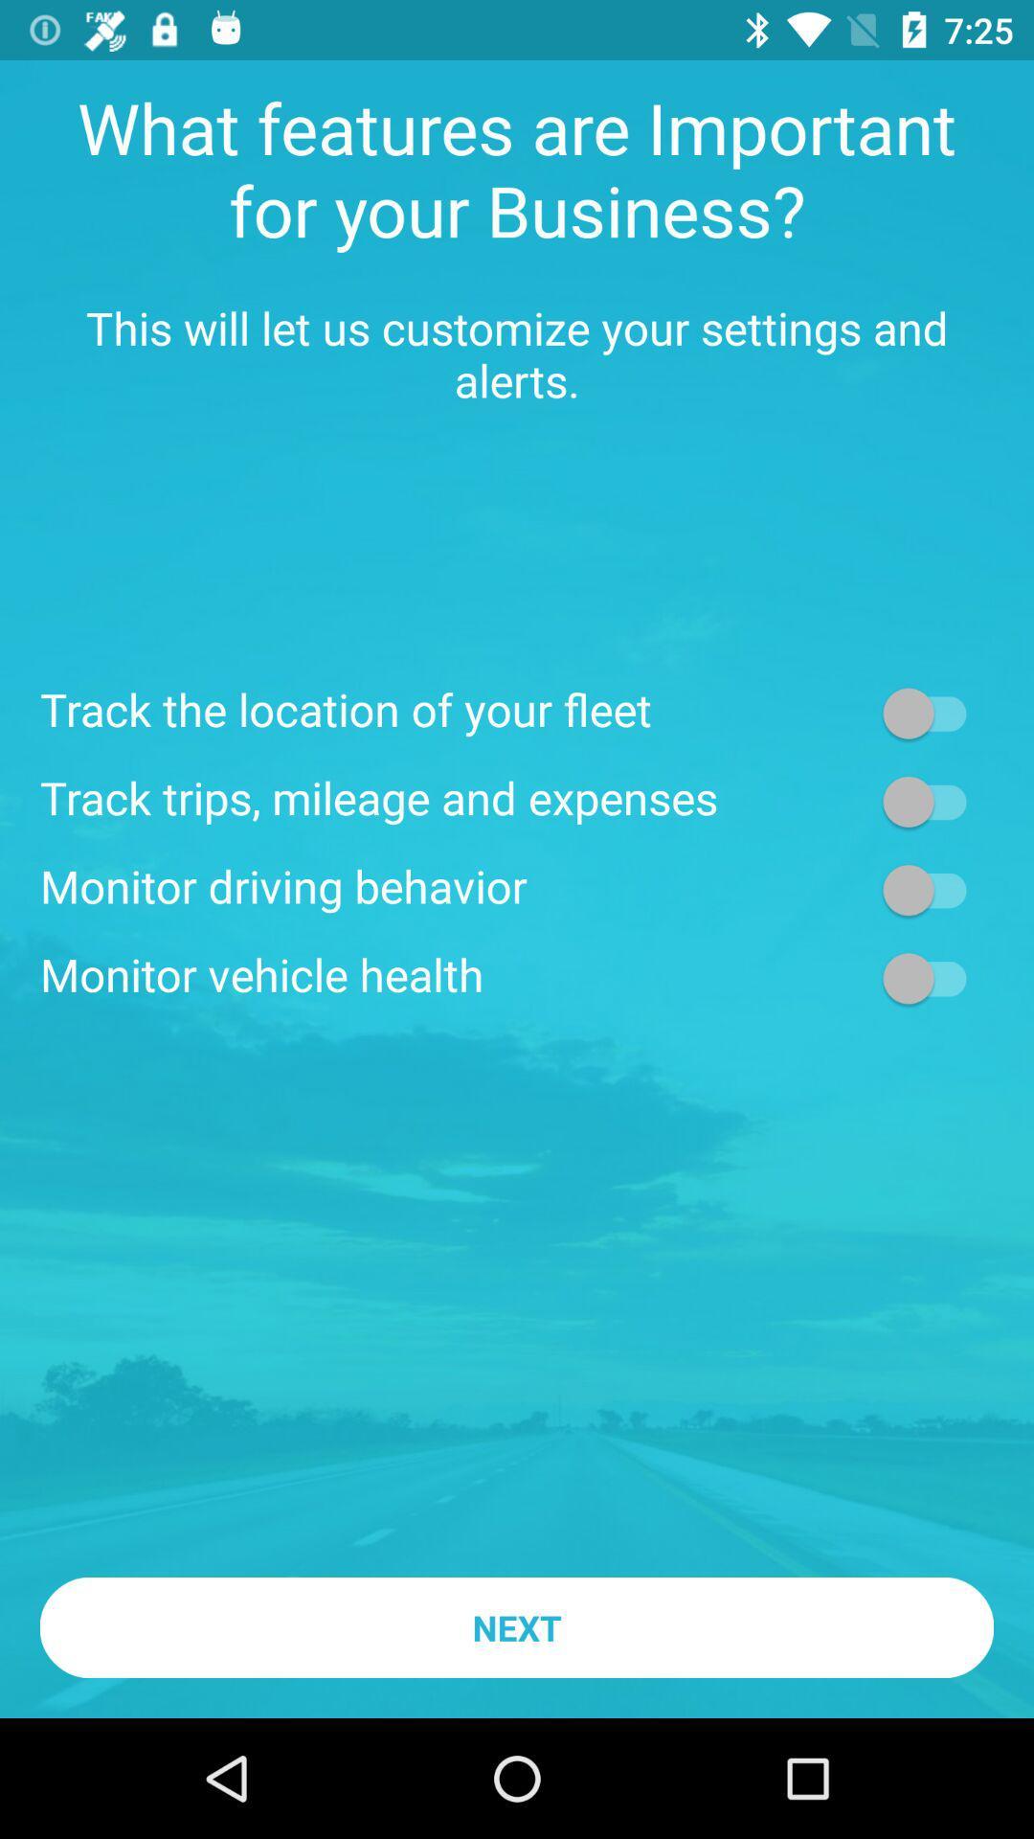 The height and width of the screenshot is (1839, 1034). I want to click on on/off button, so click(933, 978).